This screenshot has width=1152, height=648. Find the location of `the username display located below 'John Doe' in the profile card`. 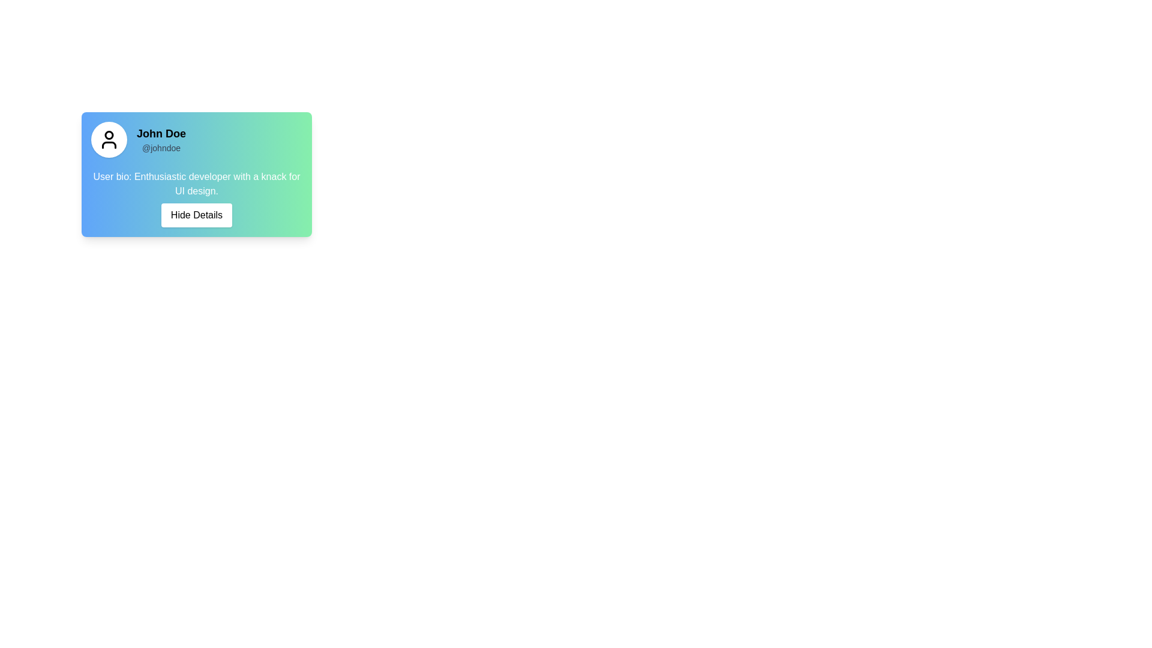

the username display located below 'John Doe' in the profile card is located at coordinates (160, 147).